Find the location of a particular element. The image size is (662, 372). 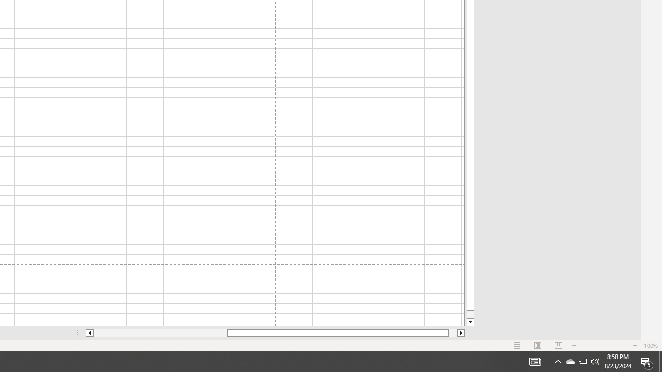

'AutomationID: 4105' is located at coordinates (535, 361).